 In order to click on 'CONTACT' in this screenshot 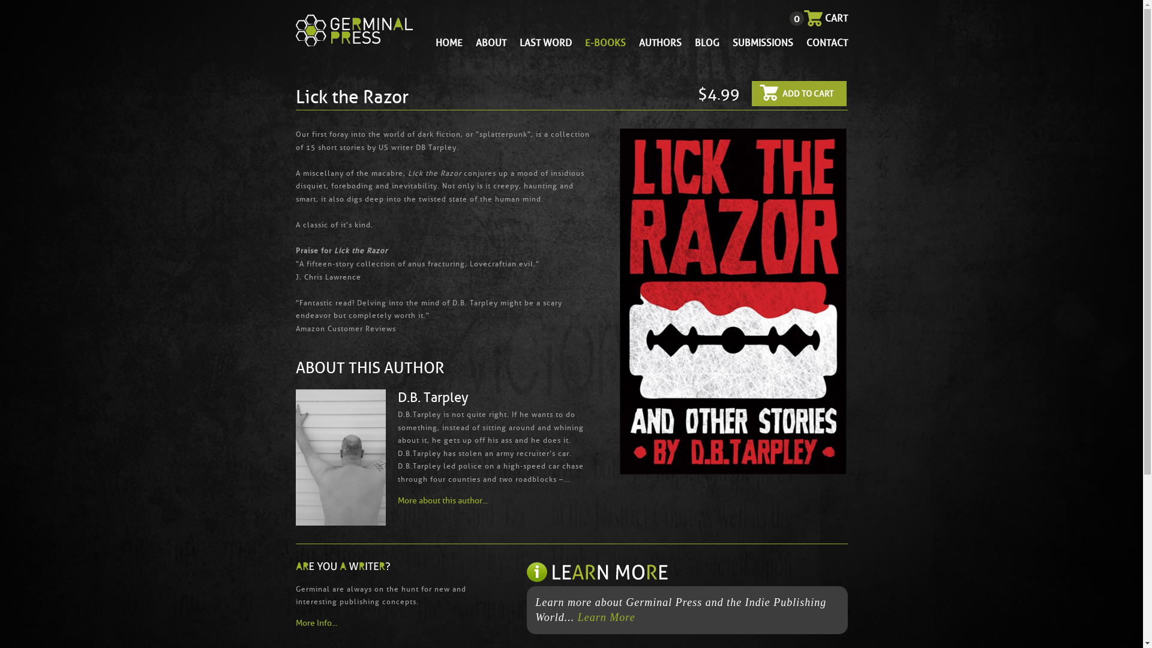, I will do `click(826, 42)`.